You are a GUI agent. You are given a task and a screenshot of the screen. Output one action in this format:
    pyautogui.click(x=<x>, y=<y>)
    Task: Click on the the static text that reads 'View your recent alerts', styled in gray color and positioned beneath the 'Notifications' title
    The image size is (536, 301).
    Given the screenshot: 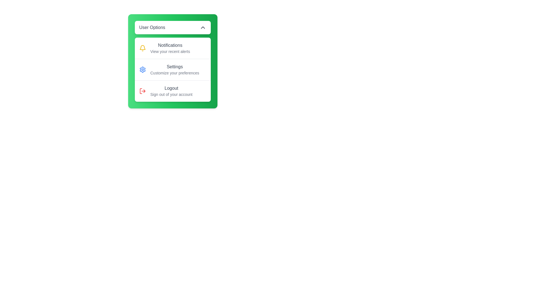 What is the action you would take?
    pyautogui.click(x=170, y=52)
    